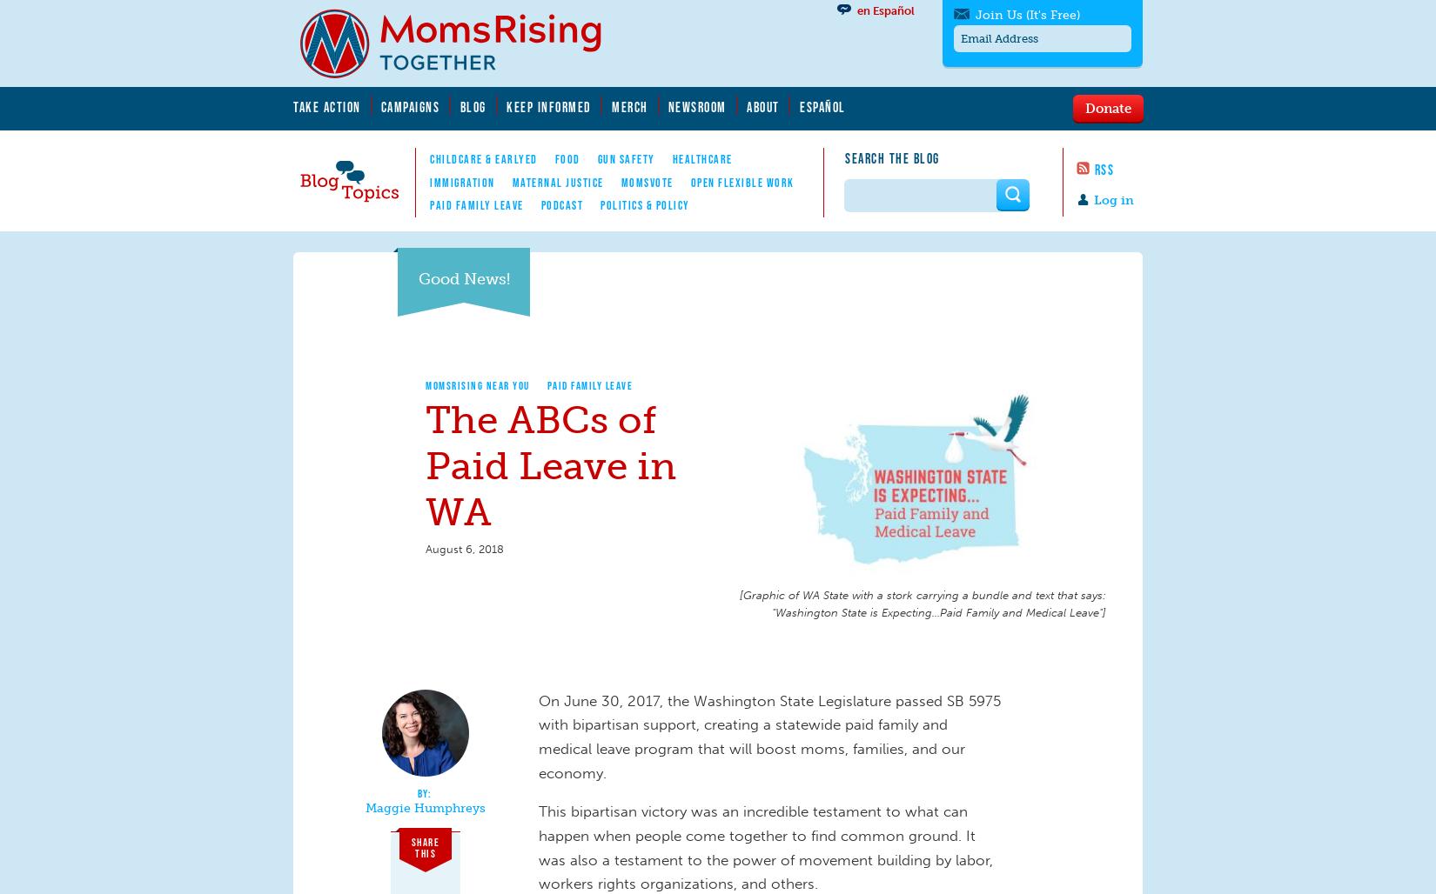  I want to click on 'Childcare & EarlyEd', so click(482, 158).